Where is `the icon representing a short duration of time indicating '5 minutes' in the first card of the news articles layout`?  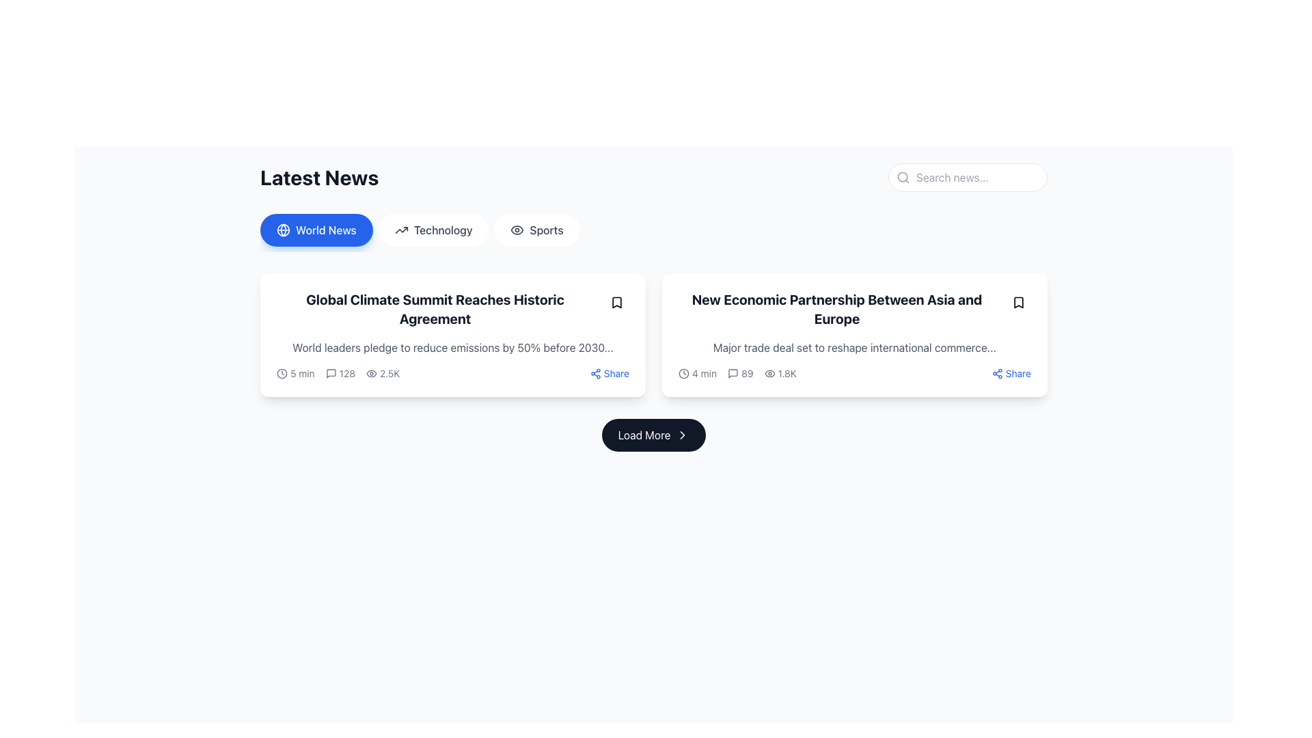 the icon representing a short duration of time indicating '5 minutes' in the first card of the news articles layout is located at coordinates (281, 374).